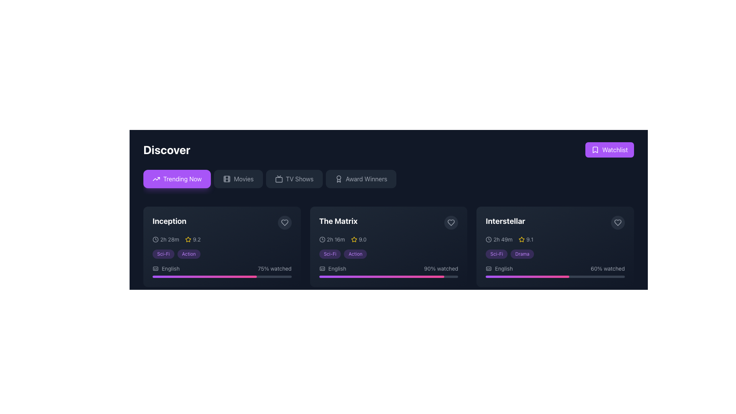  Describe the element at coordinates (504, 268) in the screenshot. I see `the text label displaying 'English' located above the progress bar of the movie 'Interstellar'` at that location.